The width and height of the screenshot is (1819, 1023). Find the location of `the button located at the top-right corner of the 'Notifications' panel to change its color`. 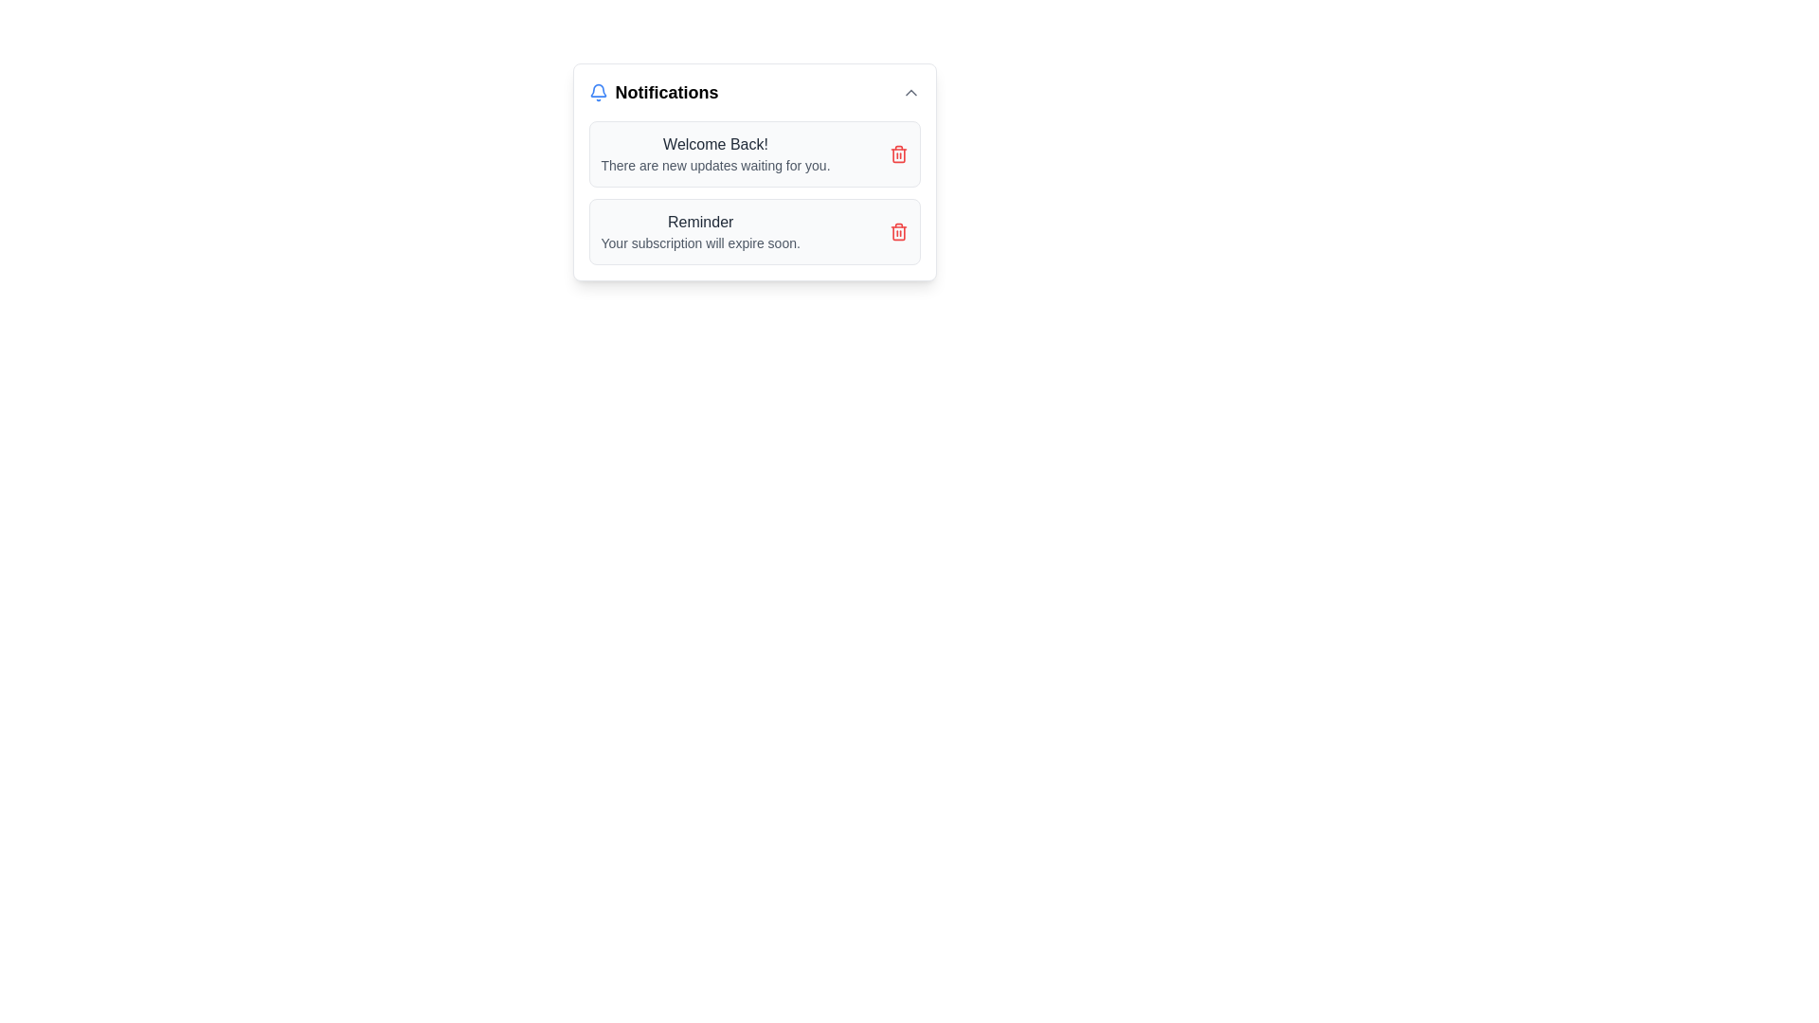

the button located at the top-right corner of the 'Notifications' panel to change its color is located at coordinates (910, 92).